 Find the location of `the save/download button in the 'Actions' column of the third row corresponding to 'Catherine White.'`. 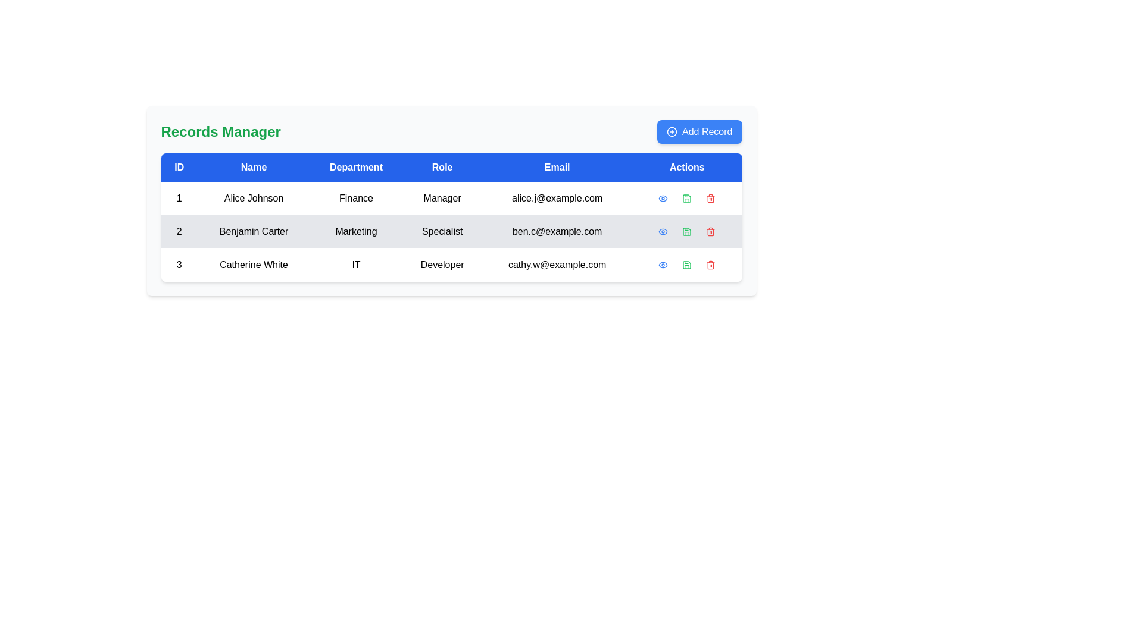

the save/download button in the 'Actions' column of the third row corresponding to 'Catherine White.' is located at coordinates (687, 265).